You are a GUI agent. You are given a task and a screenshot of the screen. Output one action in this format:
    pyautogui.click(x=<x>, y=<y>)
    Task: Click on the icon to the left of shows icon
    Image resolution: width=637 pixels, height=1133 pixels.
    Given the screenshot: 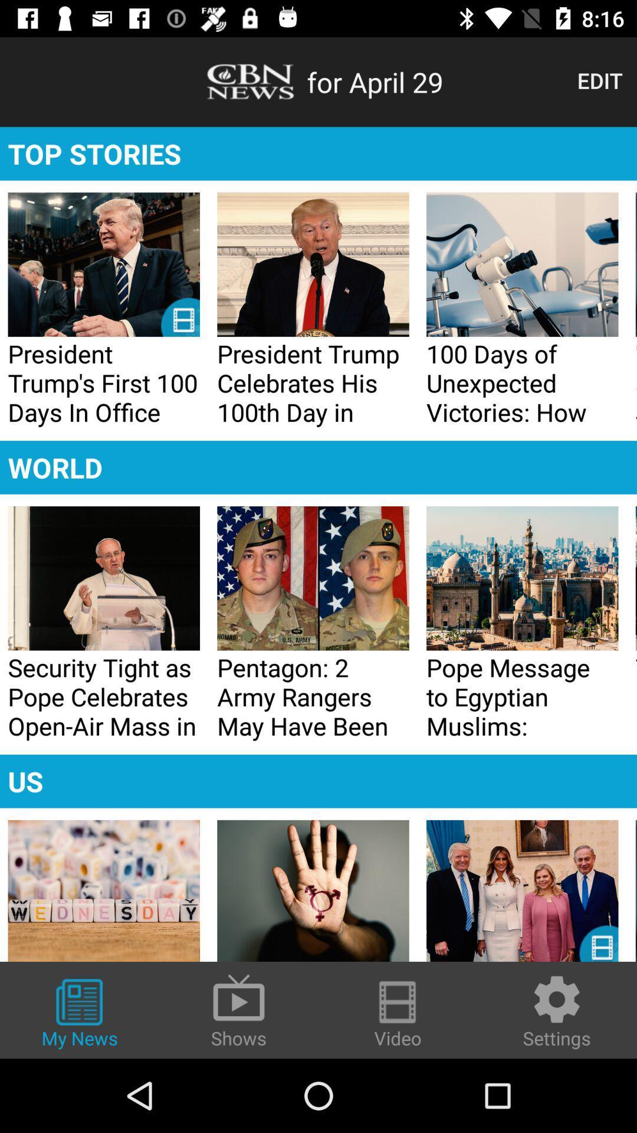 What is the action you would take?
    pyautogui.click(x=80, y=1014)
    